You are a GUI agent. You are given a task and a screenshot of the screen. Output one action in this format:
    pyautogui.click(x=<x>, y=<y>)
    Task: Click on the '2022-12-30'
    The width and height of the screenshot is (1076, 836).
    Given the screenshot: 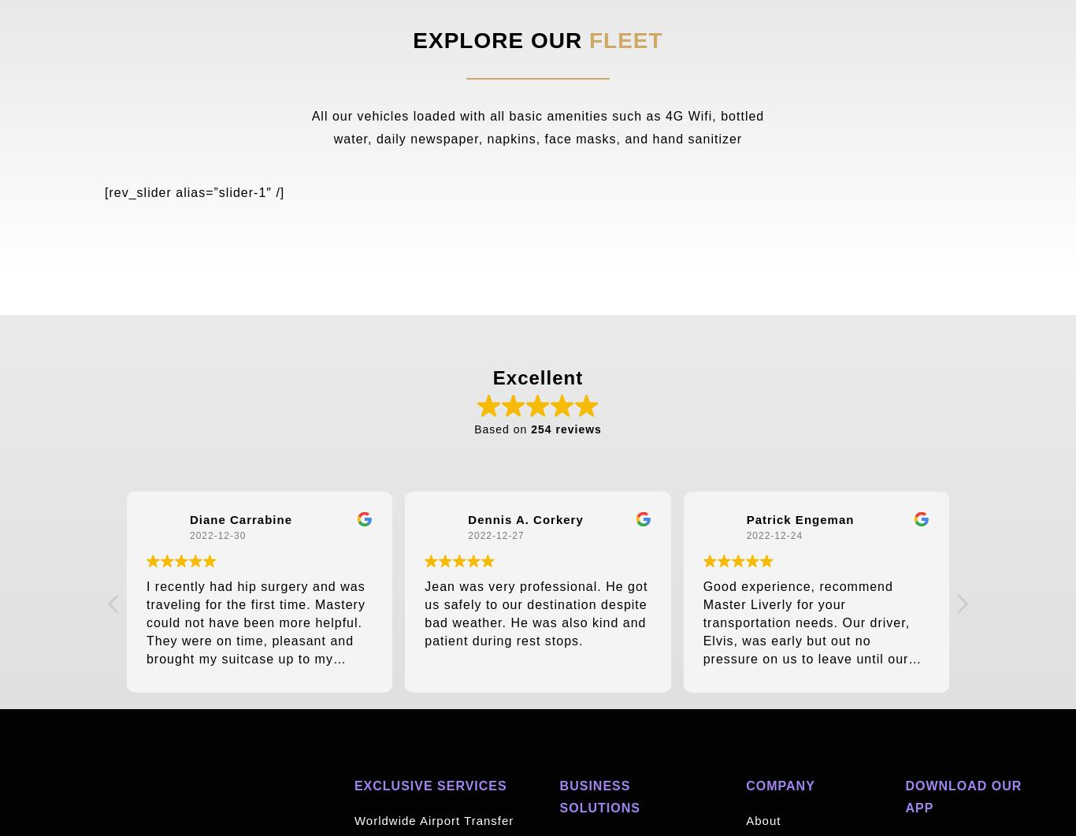 What is the action you would take?
    pyautogui.click(x=217, y=534)
    